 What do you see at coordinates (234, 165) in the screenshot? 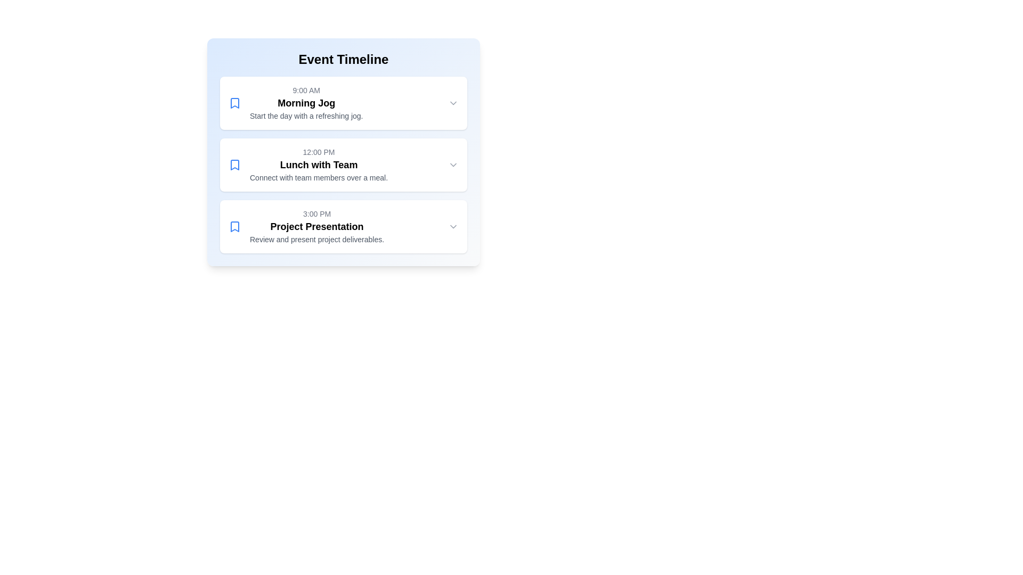
I see `the blue bookmark icon located at the left side of the 'Lunch with Team' event card` at bounding box center [234, 165].